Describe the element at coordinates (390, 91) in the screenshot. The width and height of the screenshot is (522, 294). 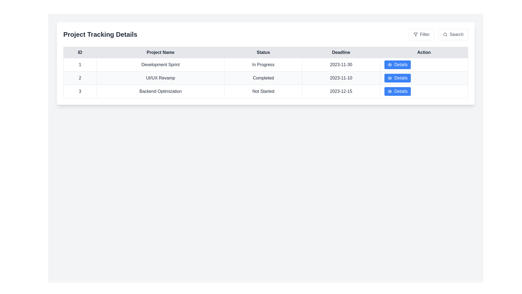
I see `the eye icon within the 'Details' button in the 'Action' column of the table, corresponding to the 'Backend Optimization' row` at that location.